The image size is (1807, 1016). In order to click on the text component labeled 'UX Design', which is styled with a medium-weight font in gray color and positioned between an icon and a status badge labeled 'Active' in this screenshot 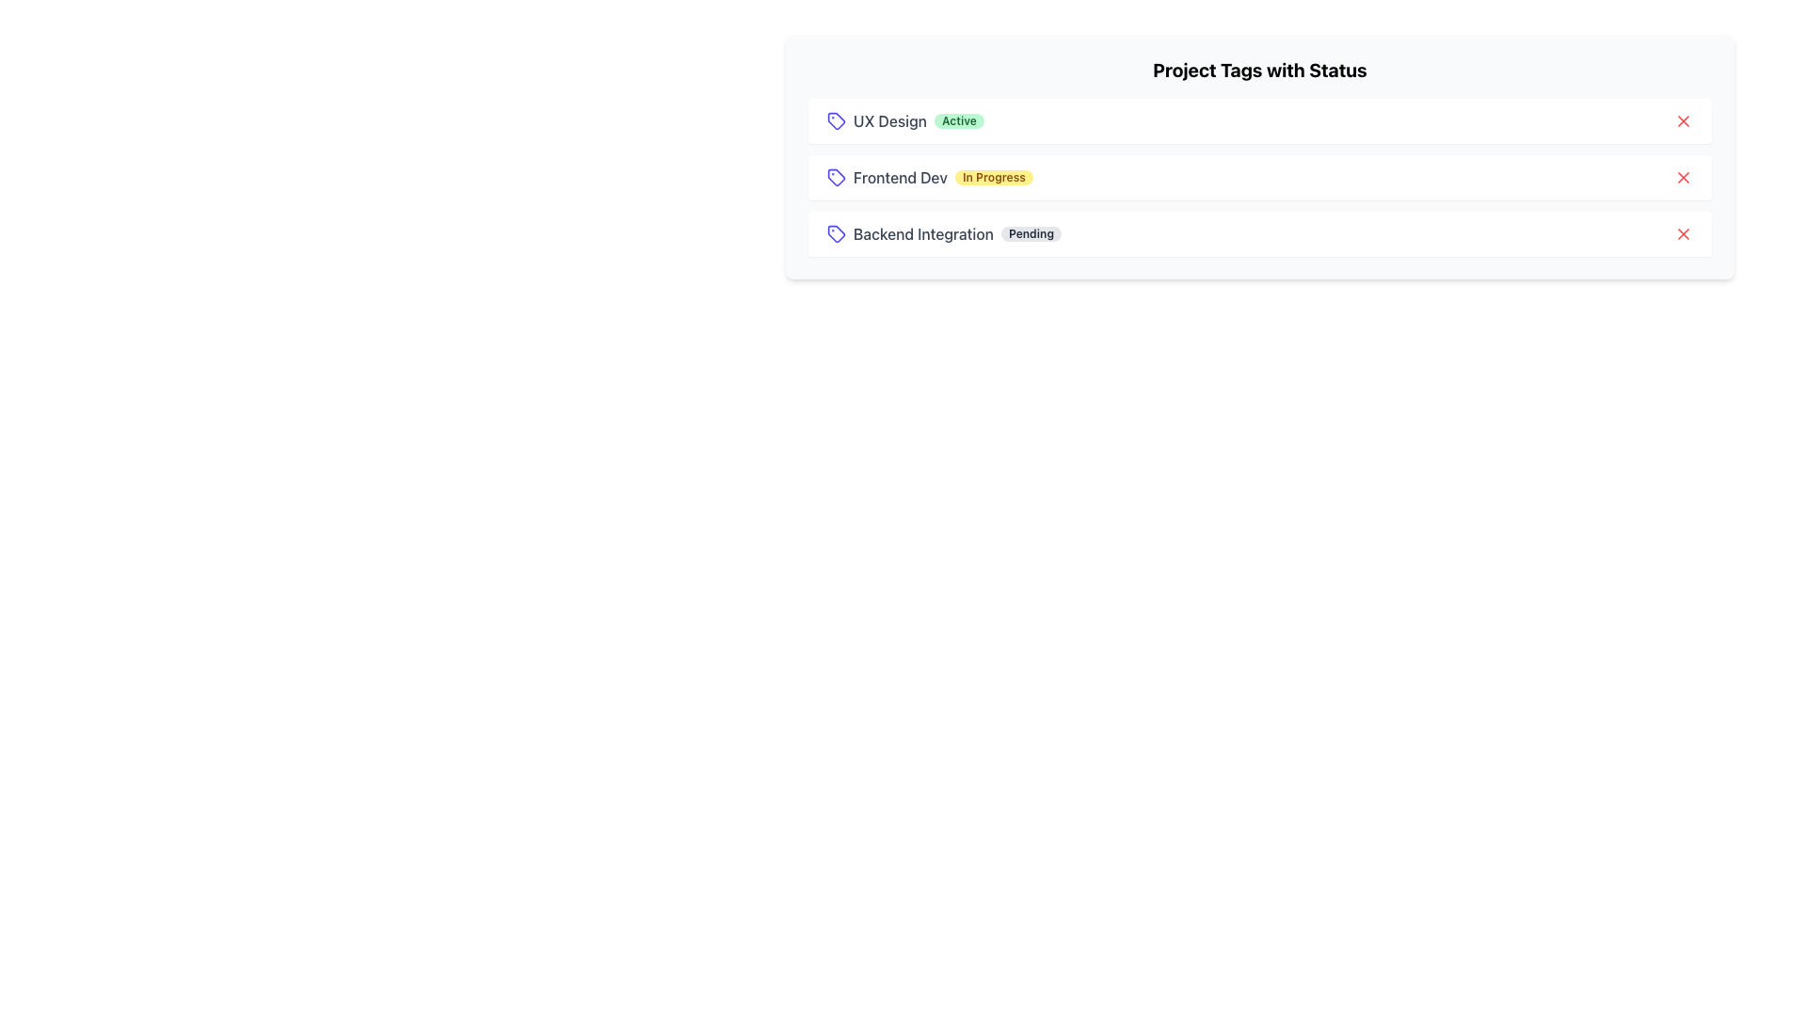, I will do `click(888, 120)`.